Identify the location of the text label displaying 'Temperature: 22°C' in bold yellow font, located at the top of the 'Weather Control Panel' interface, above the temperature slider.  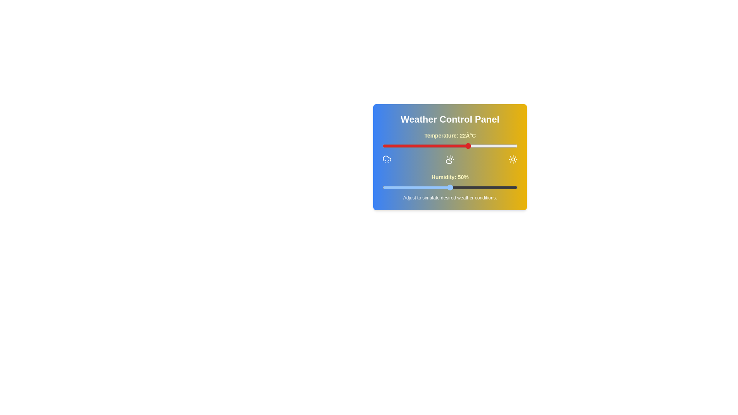
(450, 135).